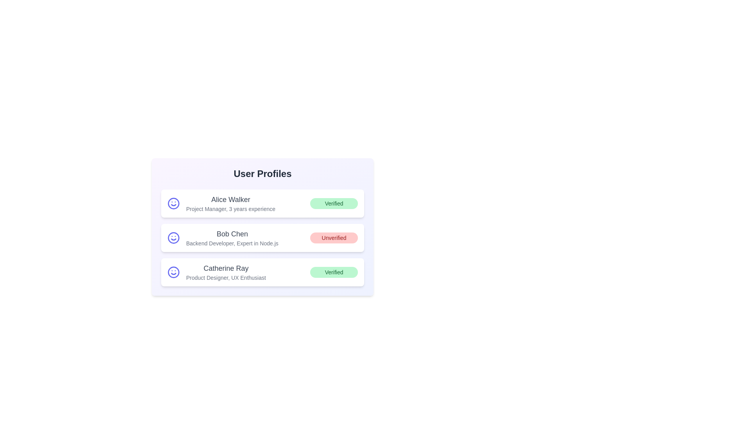  Describe the element at coordinates (334, 203) in the screenshot. I see `the verification status of Alice Walker to toggle or view details` at that location.